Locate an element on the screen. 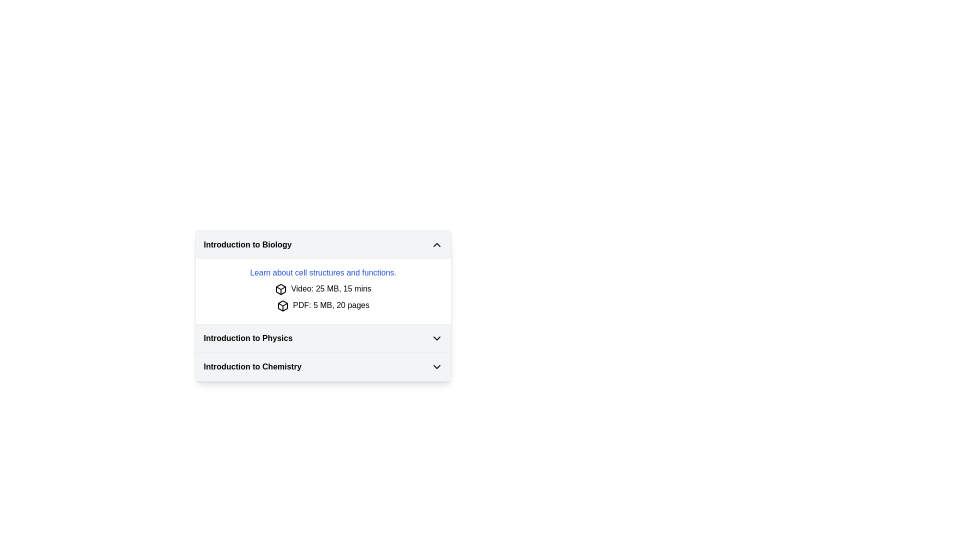  information displayed in the Text Display with Icon that provides details about the video resource under the 'Learn about cell structures and functions.' heading in the 'Introduction to Biology' section is located at coordinates (323, 289).